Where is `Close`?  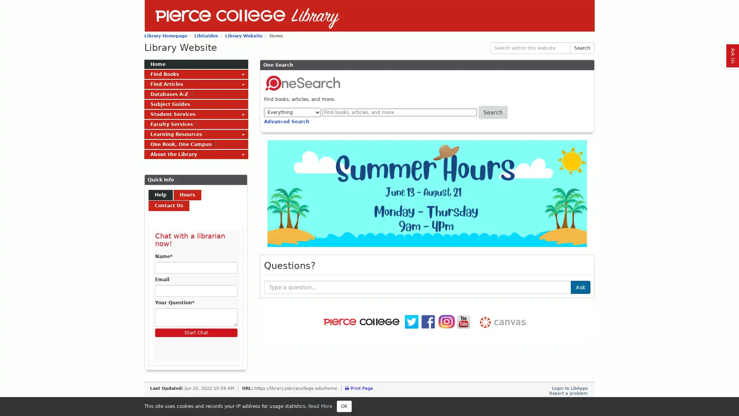 Close is located at coordinates (344, 406).